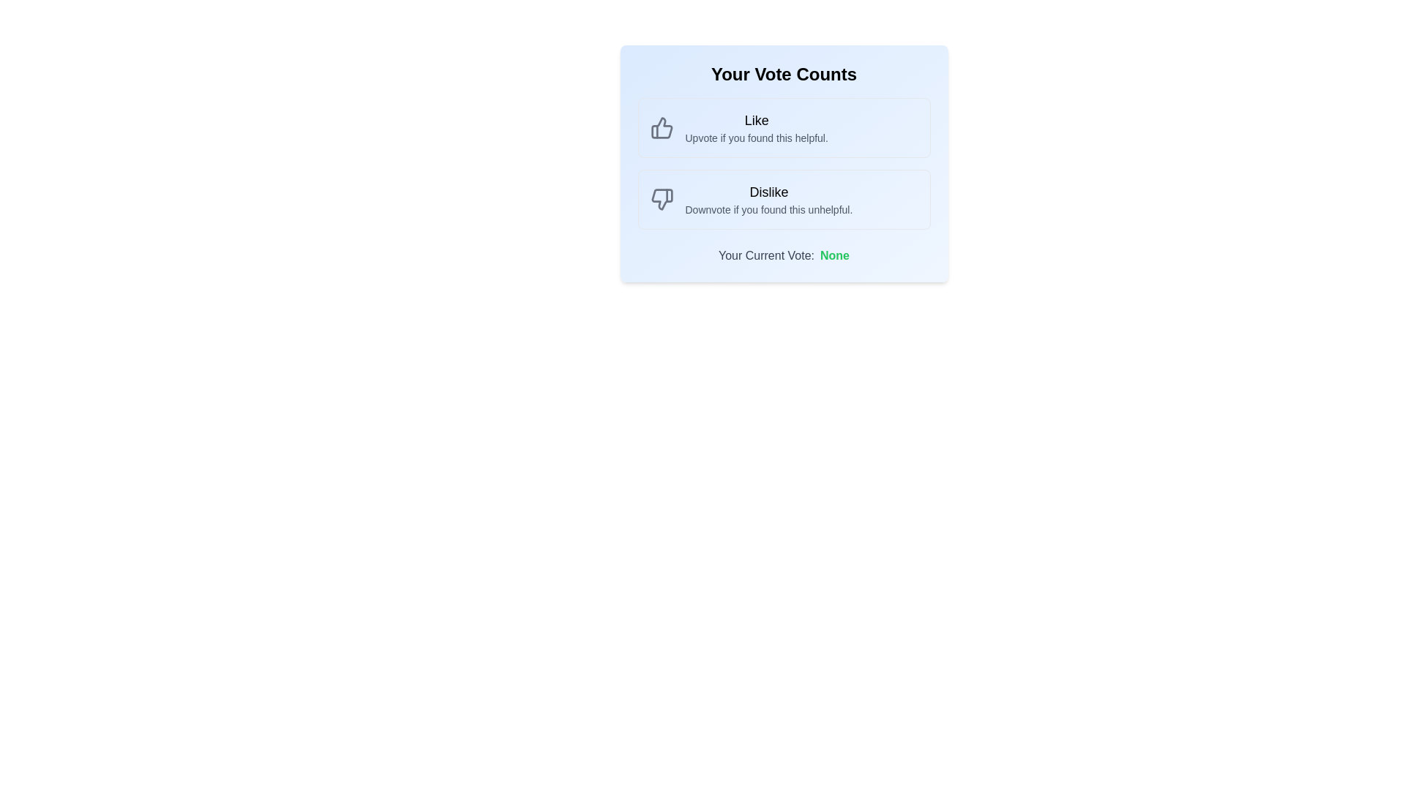  What do you see at coordinates (765, 255) in the screenshot?
I see `the Text Label that describes the user's current voting status, located to the left of the bold green text 'None' in the bottom section of the voting card interface` at bounding box center [765, 255].